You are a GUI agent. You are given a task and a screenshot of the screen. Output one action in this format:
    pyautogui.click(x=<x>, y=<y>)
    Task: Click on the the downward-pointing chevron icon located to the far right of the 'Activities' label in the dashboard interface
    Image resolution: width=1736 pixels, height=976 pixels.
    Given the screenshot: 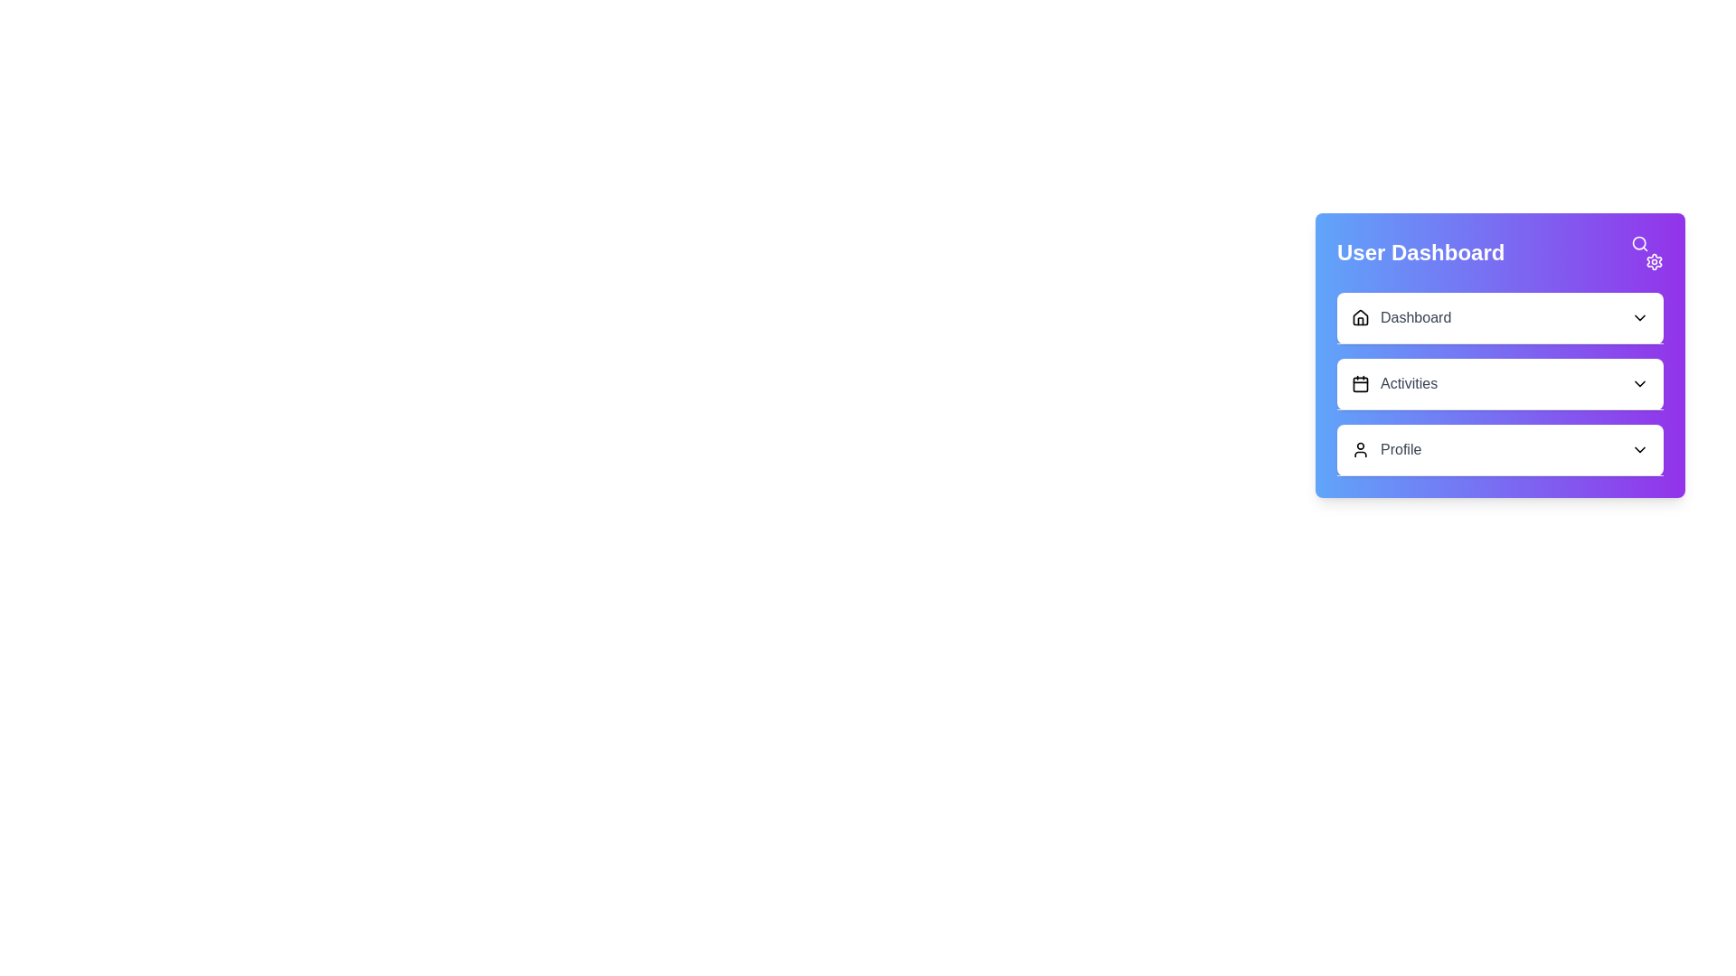 What is the action you would take?
    pyautogui.click(x=1640, y=382)
    